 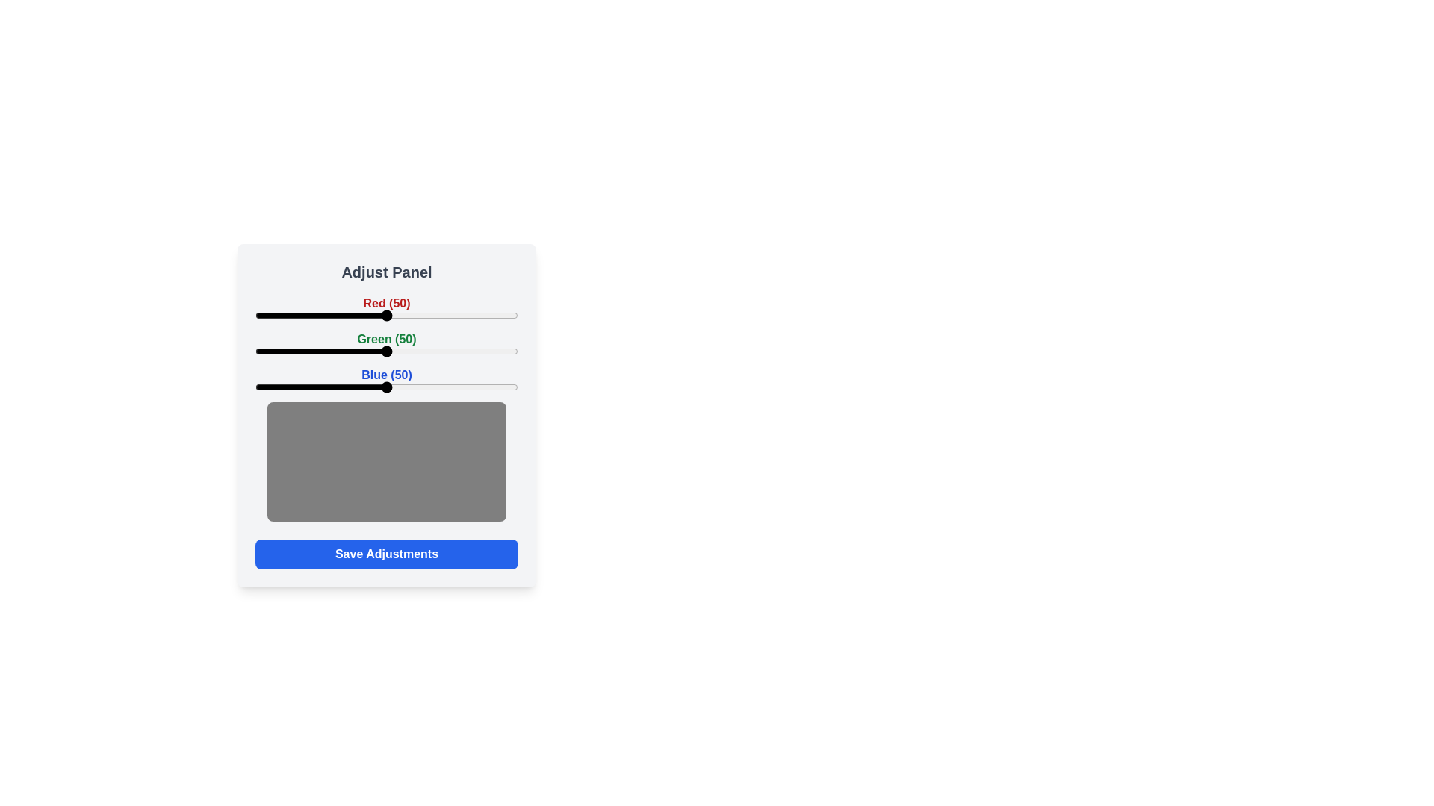 I want to click on the blue slider to 10 percent, so click(x=282, y=387).